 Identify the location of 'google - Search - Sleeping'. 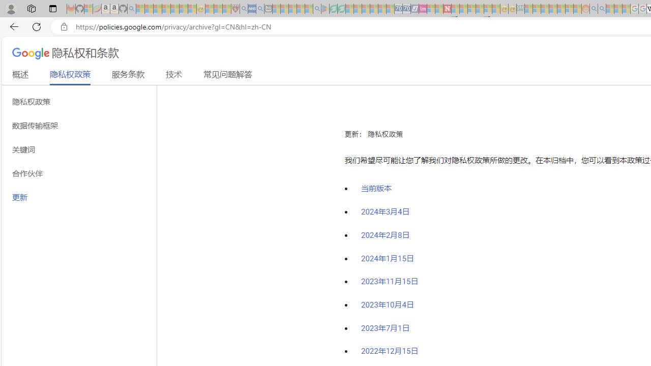
(316, 9).